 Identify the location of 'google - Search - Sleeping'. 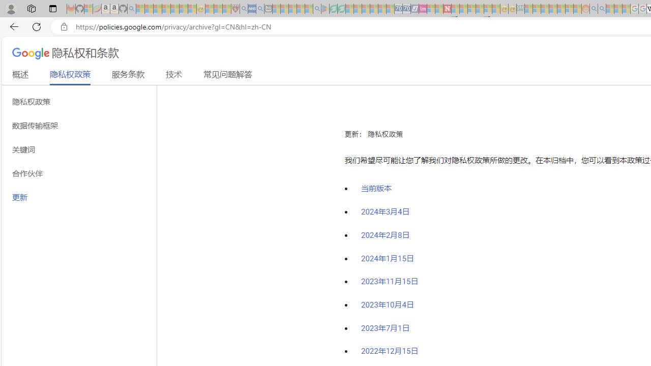
(316, 9).